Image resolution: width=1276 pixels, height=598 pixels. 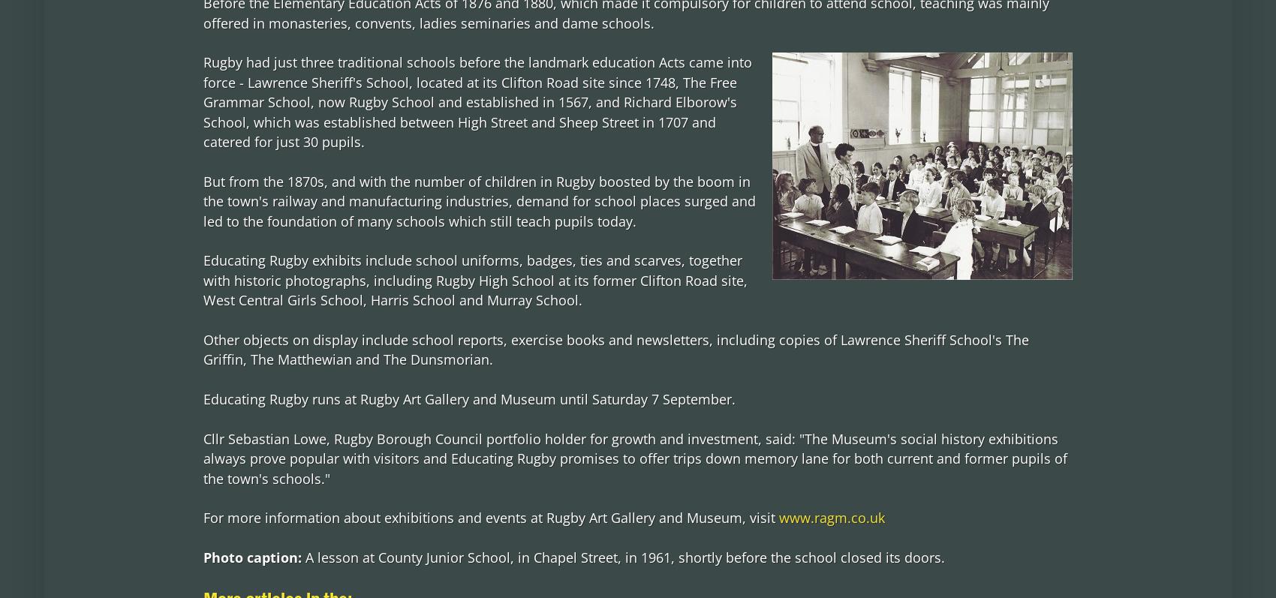 I want to click on 'Educating Rugby runs at Rugby Art Gallery and Museum until Saturday 7 September.', so click(x=468, y=398).